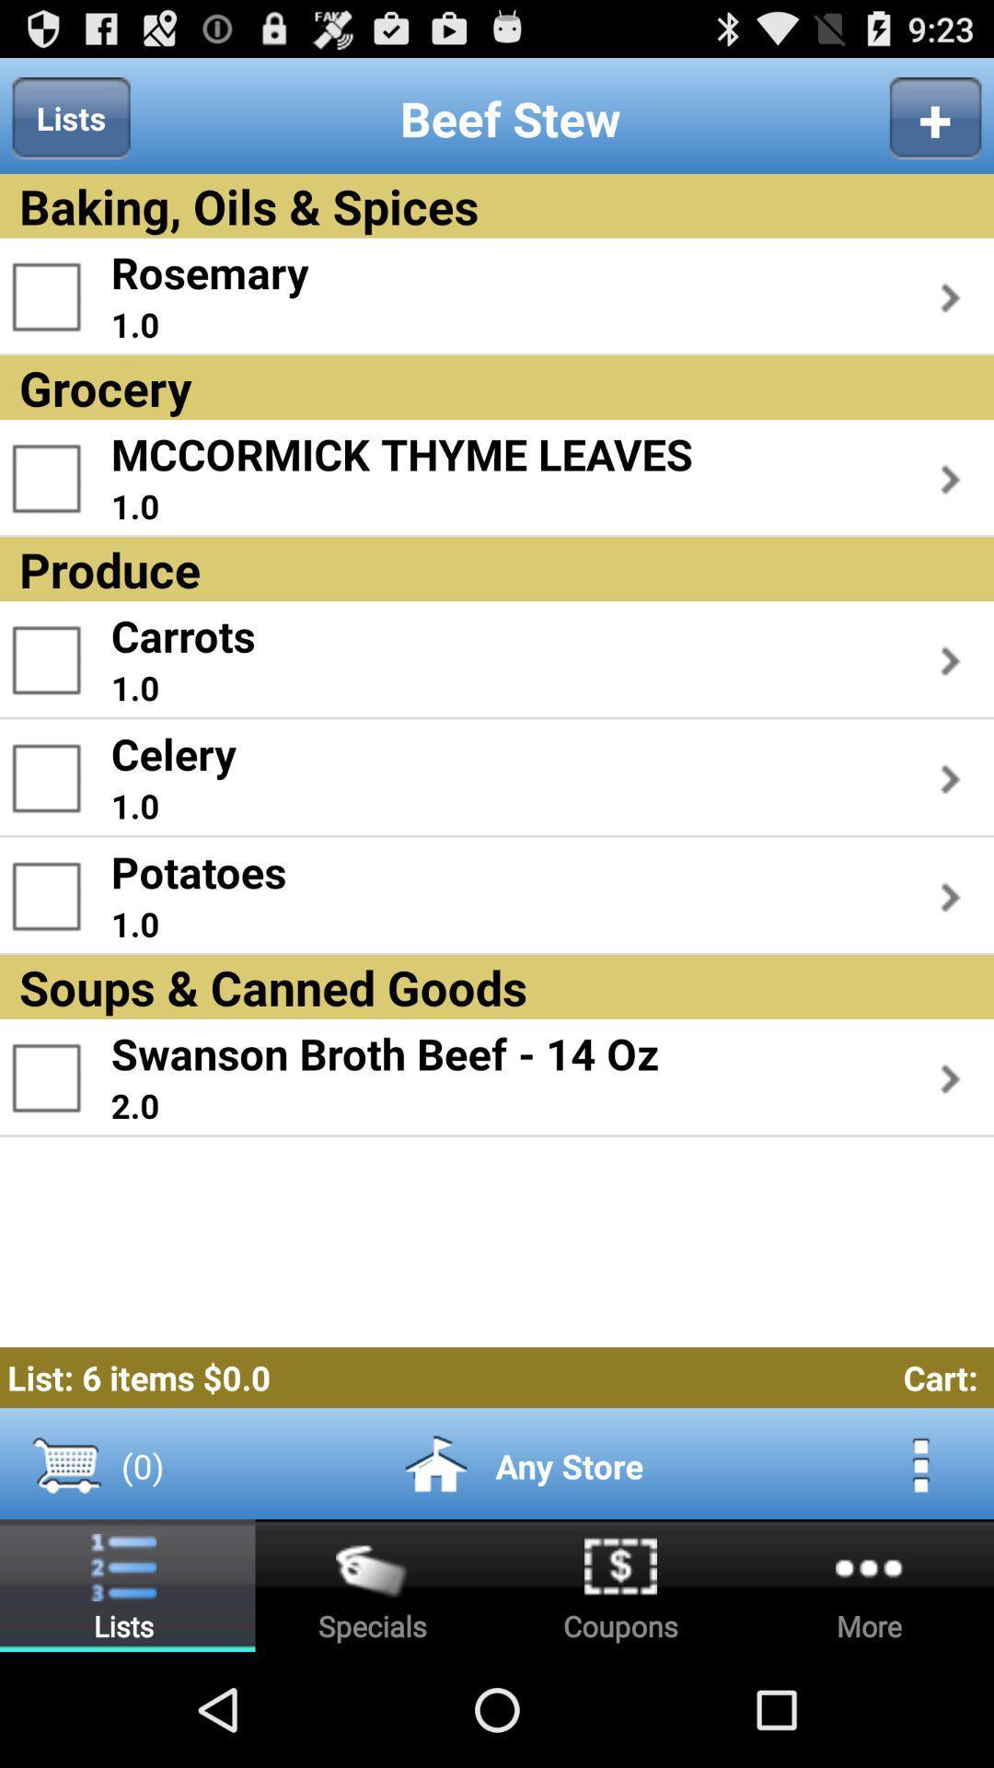 The image size is (994, 1768). Describe the element at coordinates (436, 1568) in the screenshot. I see `the home icon` at that location.